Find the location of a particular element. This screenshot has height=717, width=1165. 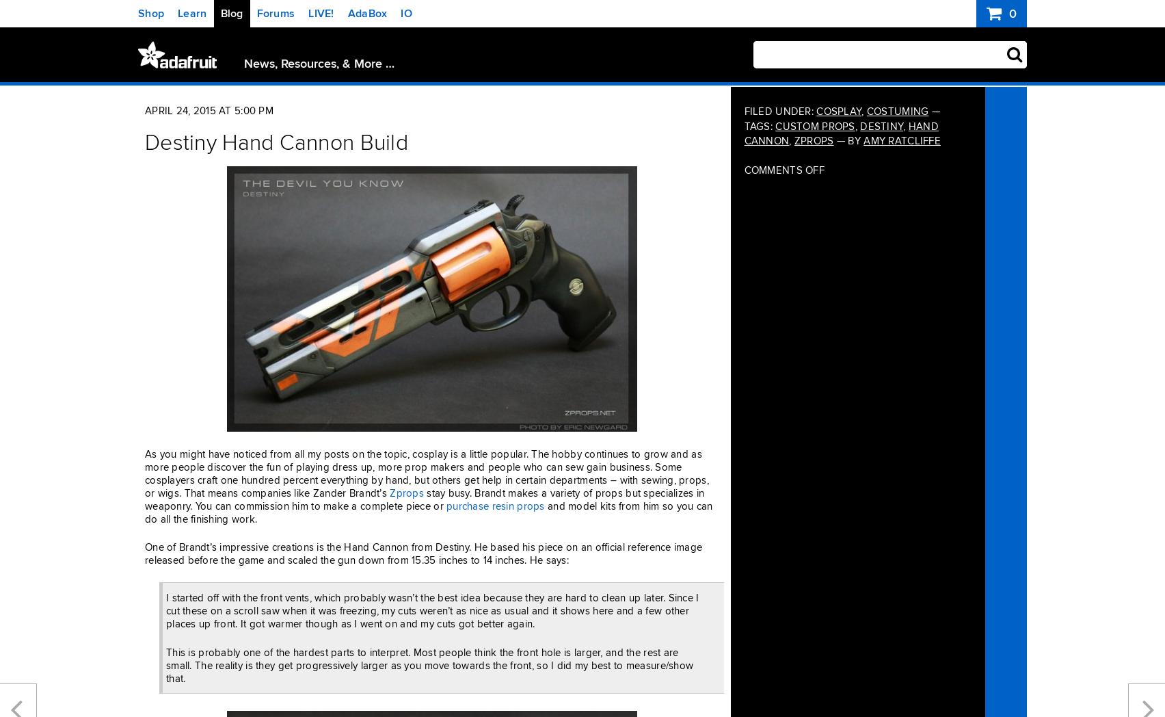

'destiny' is located at coordinates (881, 125).